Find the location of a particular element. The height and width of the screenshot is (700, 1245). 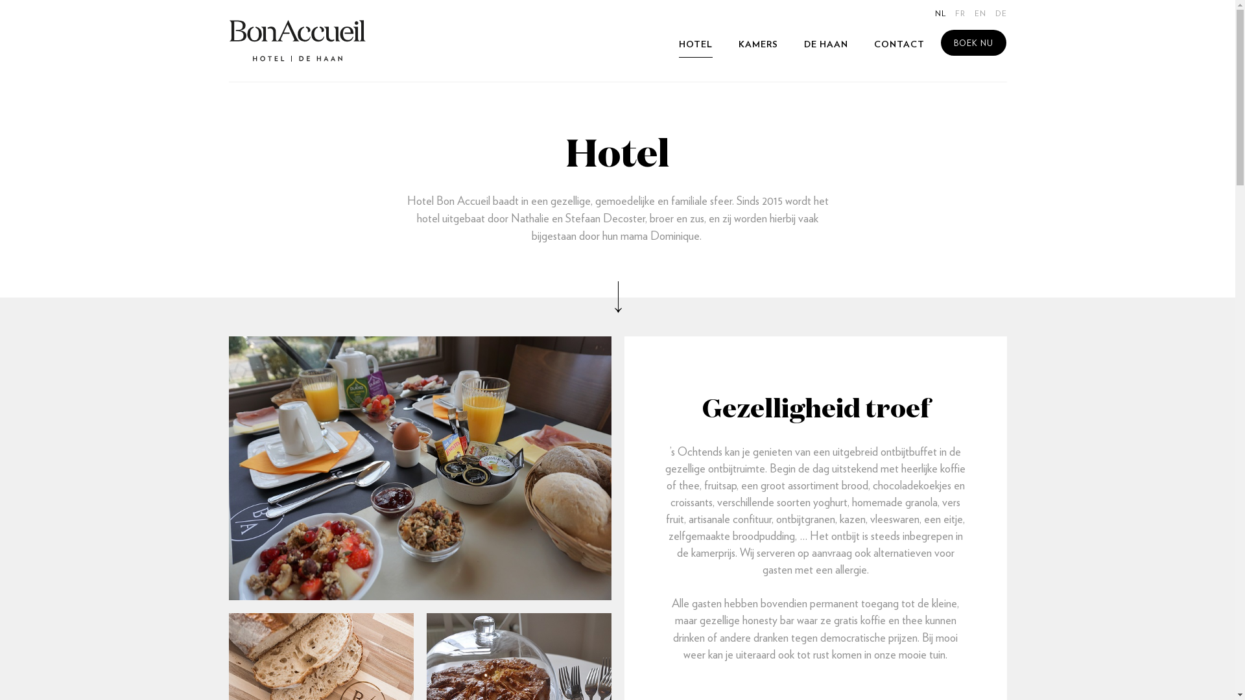

'CONTACT' is located at coordinates (899, 44).